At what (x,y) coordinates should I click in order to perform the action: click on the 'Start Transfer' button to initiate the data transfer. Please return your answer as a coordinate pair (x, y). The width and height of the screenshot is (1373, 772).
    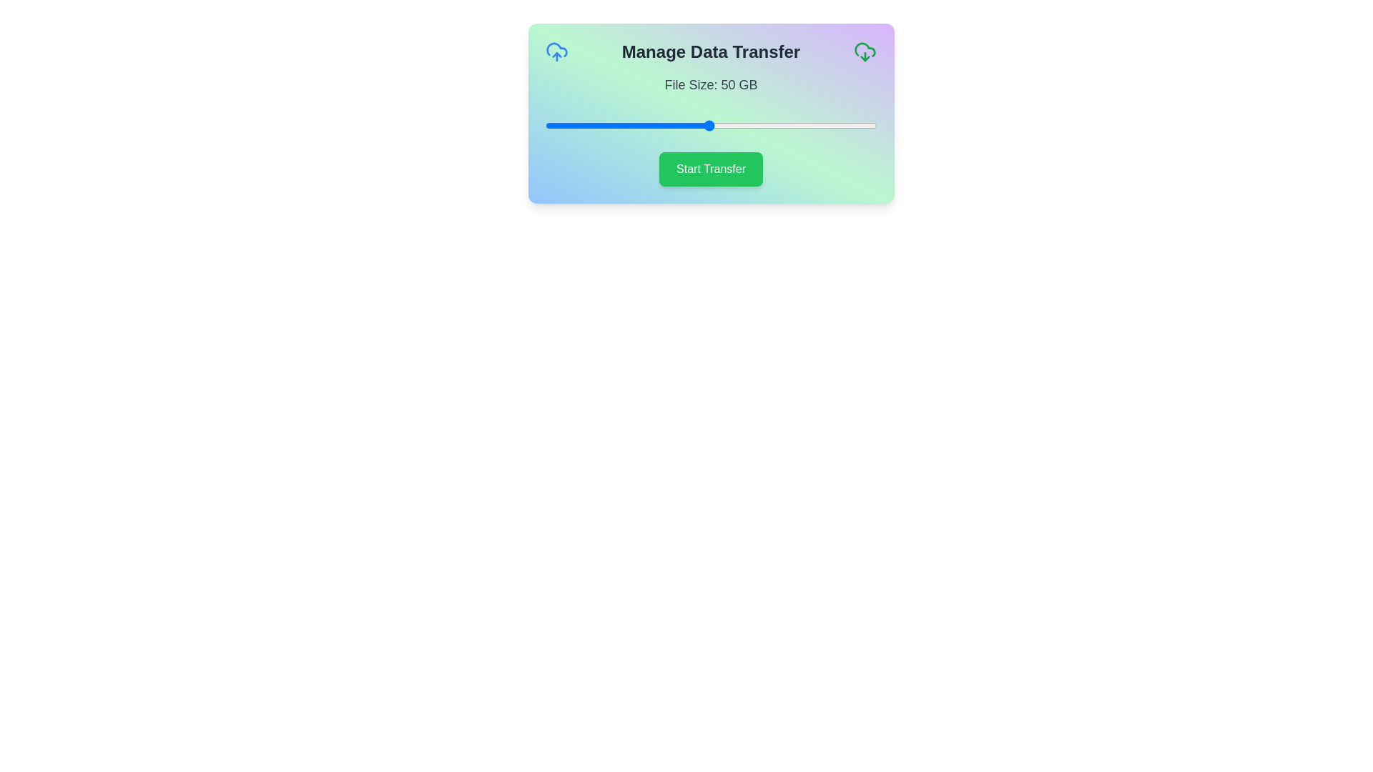
    Looking at the image, I should click on (711, 168).